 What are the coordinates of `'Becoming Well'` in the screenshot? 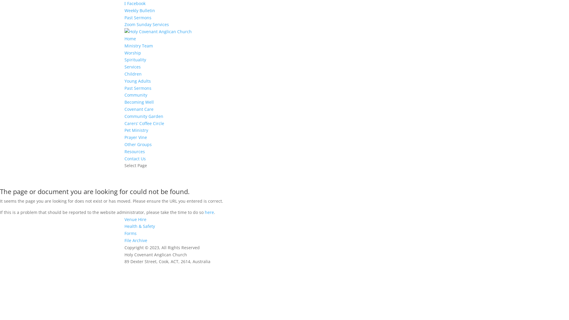 It's located at (124, 102).